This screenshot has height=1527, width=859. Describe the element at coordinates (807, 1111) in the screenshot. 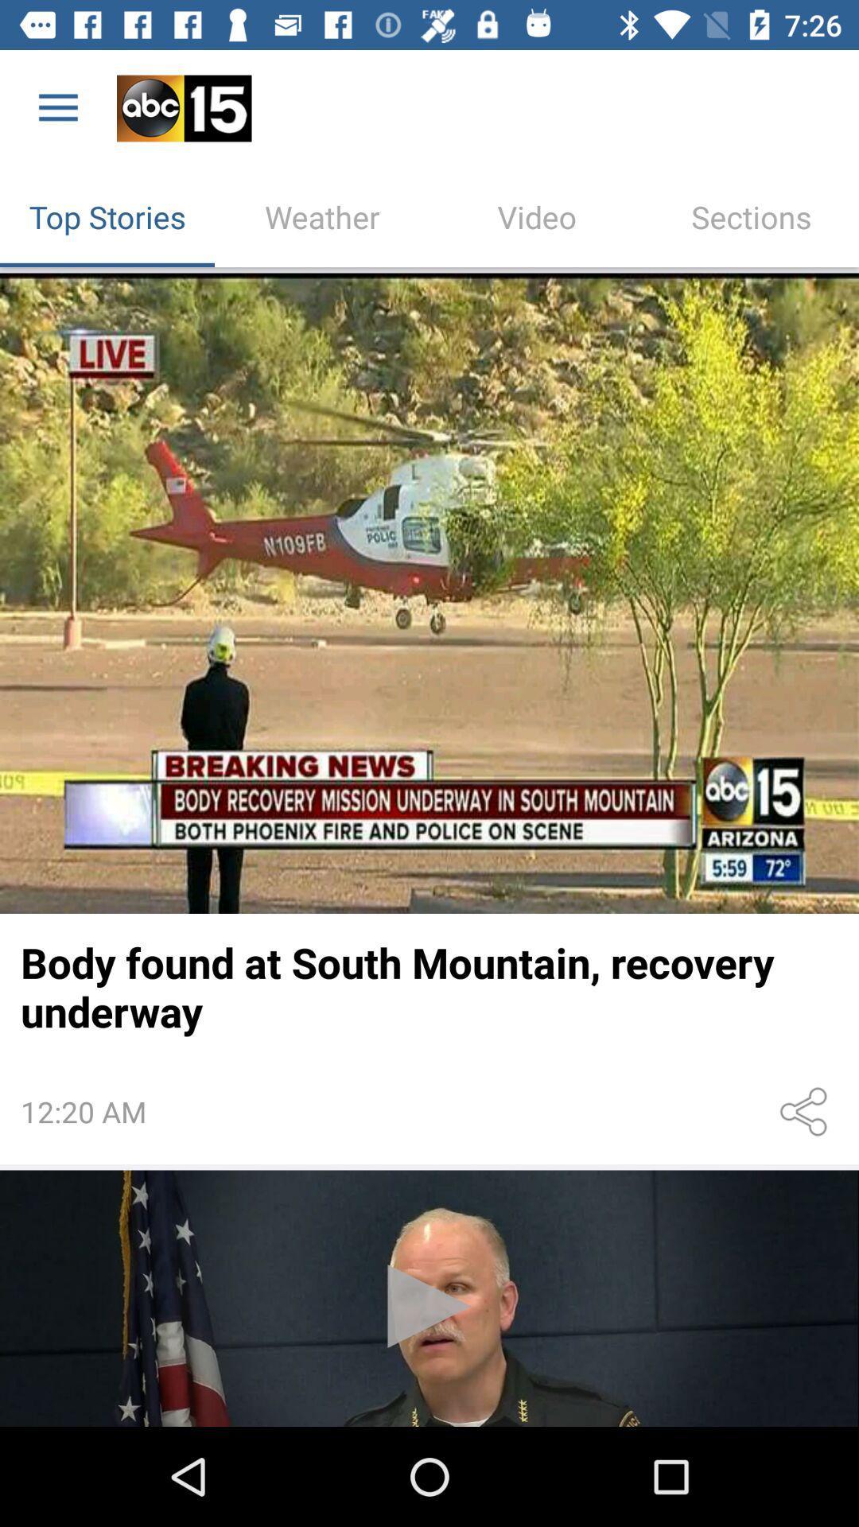

I see `share the article` at that location.